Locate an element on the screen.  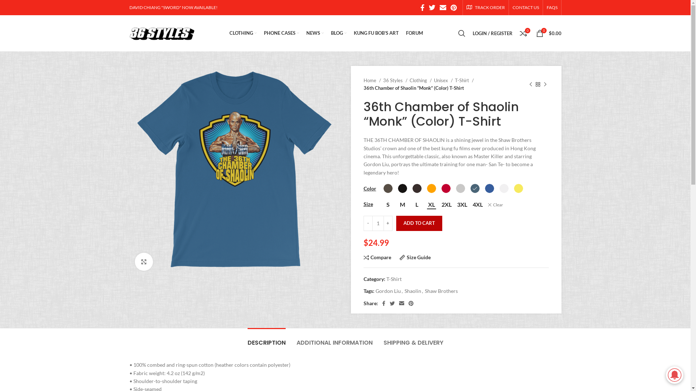
'FAQS' is located at coordinates (551, 7).